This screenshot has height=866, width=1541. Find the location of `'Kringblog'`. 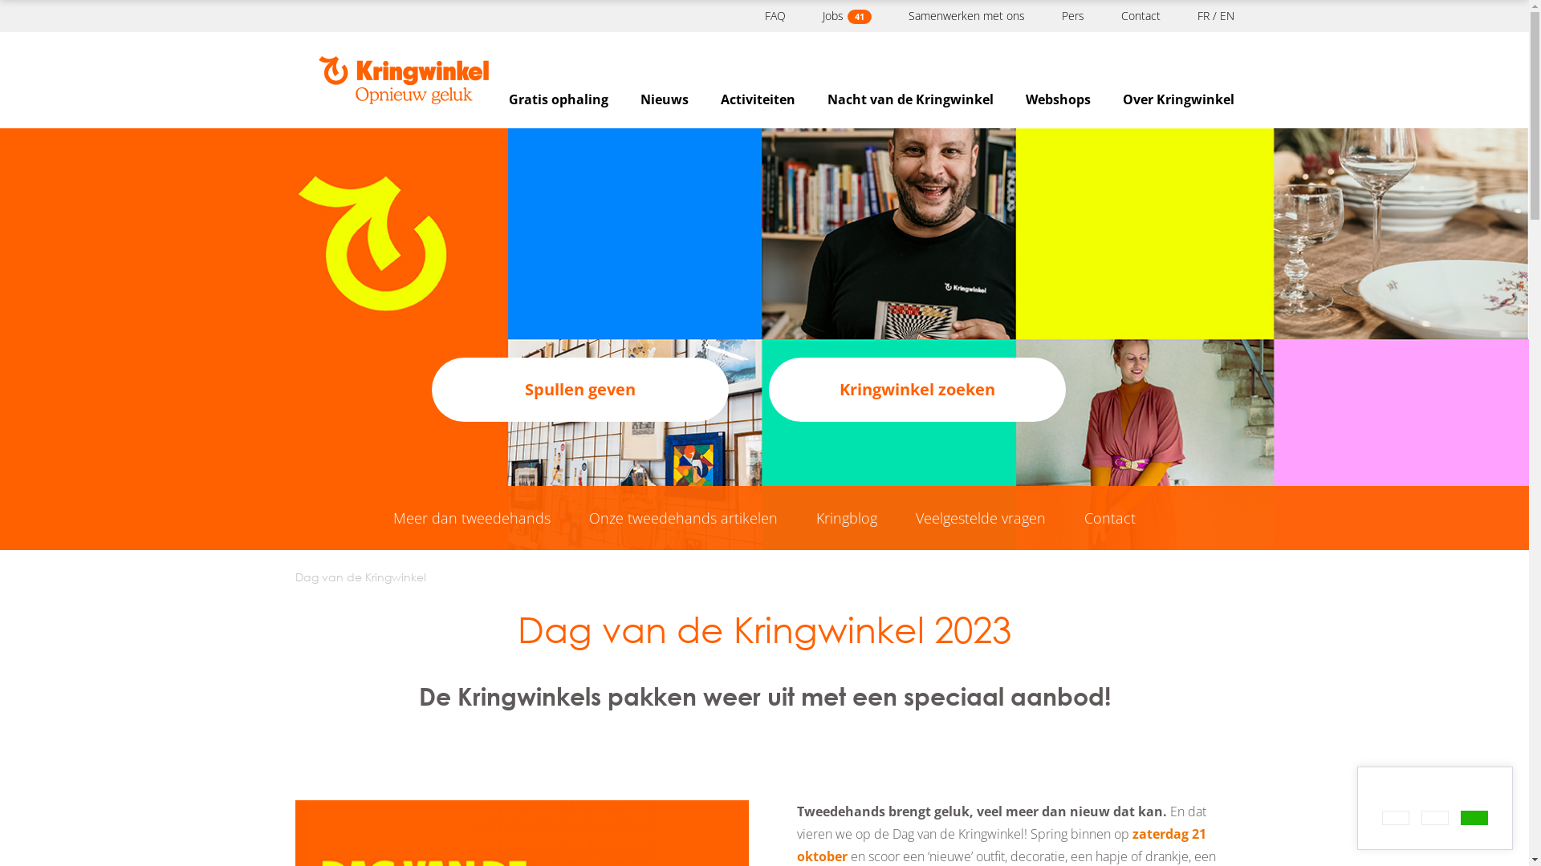

'Kringblog' is located at coordinates (846, 517).